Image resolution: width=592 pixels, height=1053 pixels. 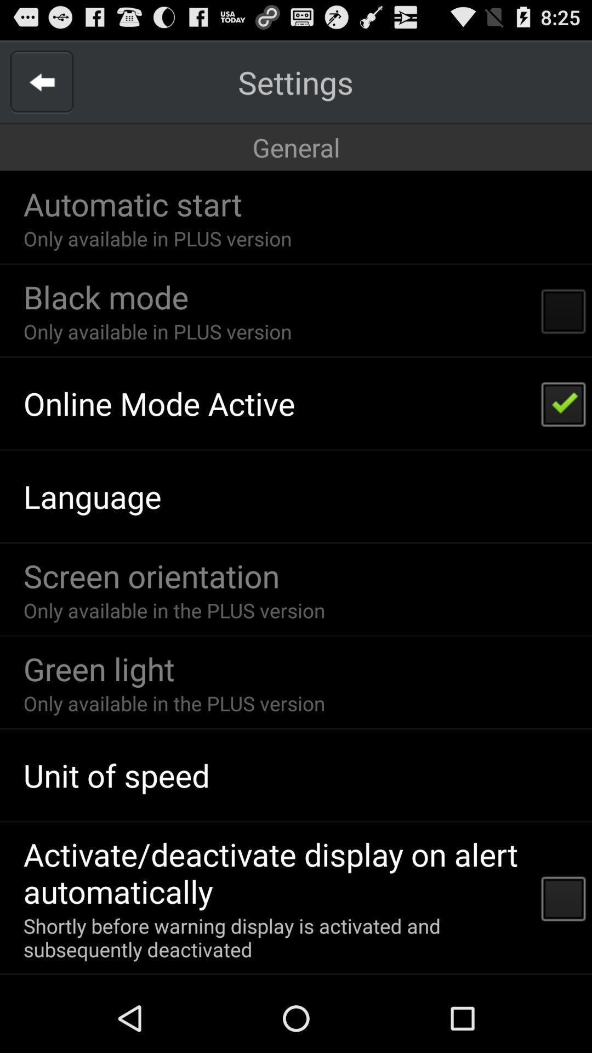 What do you see at coordinates (159, 403) in the screenshot?
I see `the item below only available in icon` at bounding box center [159, 403].